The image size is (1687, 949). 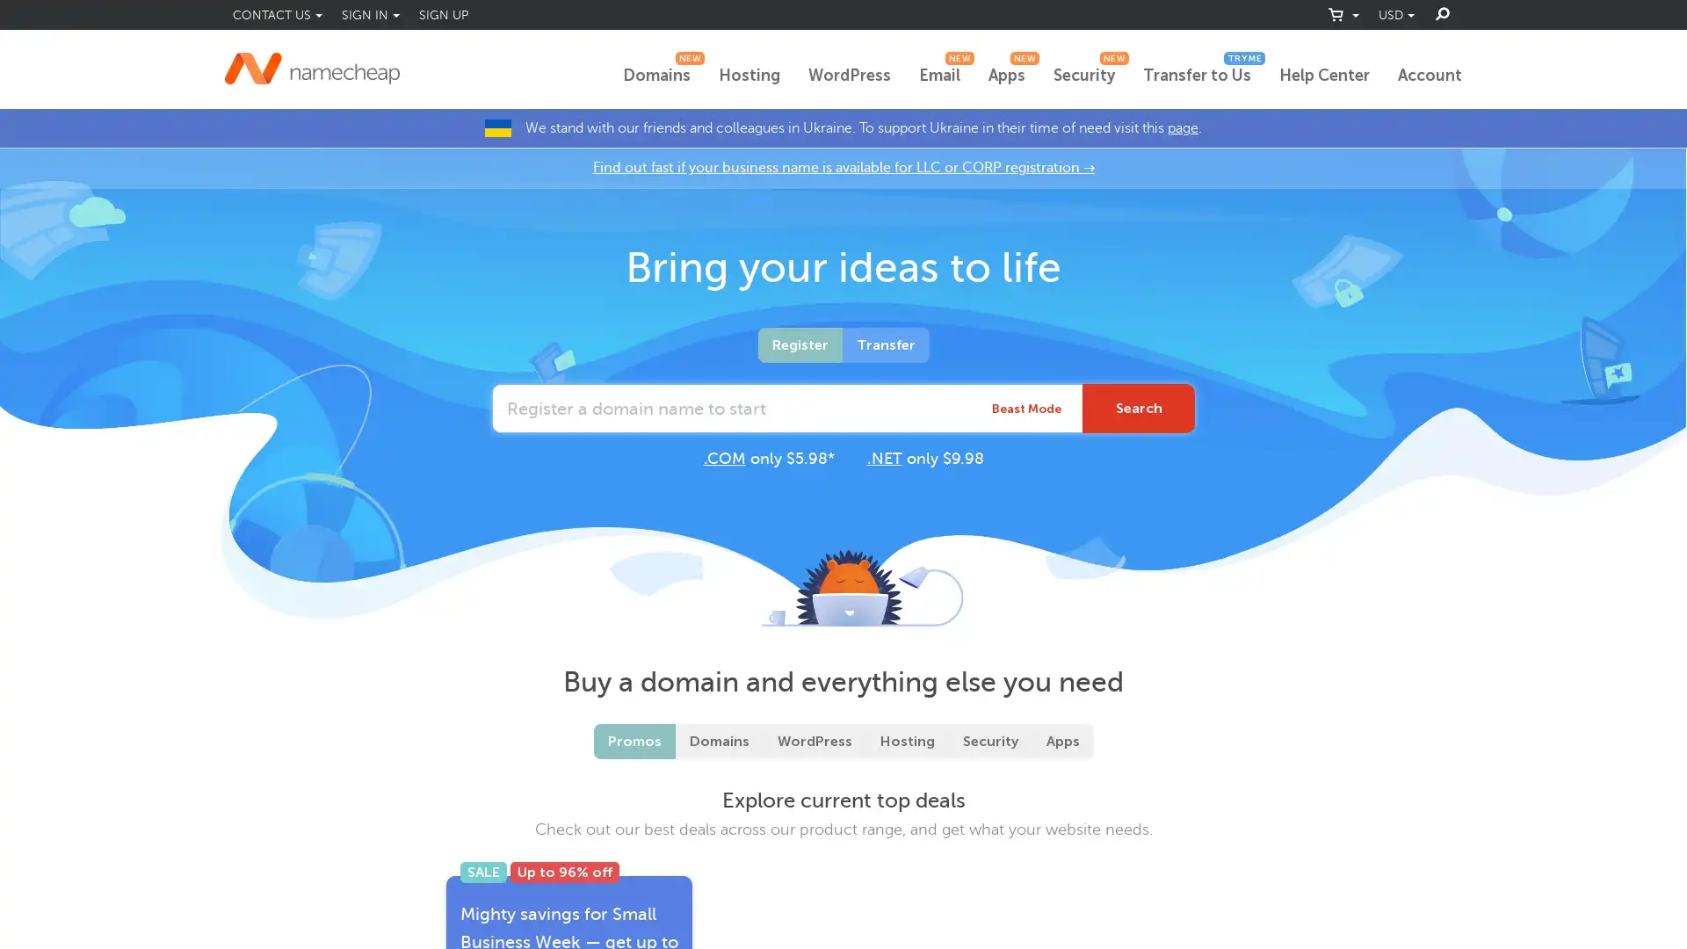 I want to click on Search, so click(x=1139, y=409).